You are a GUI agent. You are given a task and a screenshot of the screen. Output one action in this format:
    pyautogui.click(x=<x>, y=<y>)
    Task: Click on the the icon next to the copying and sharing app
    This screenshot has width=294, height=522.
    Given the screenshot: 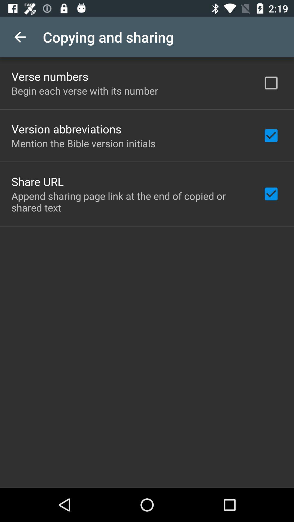 What is the action you would take?
    pyautogui.click(x=20, y=37)
    